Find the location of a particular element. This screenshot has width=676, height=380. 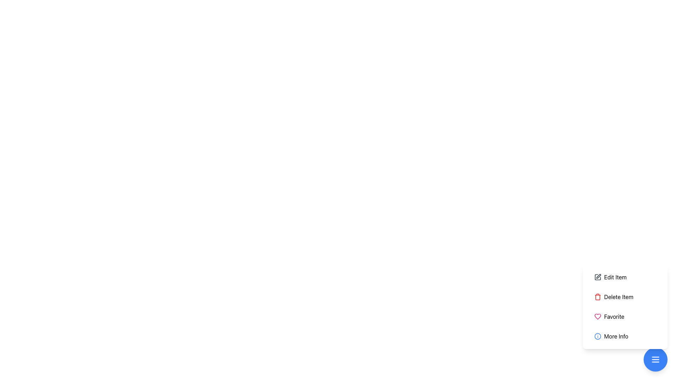

the delete button located at the second position in the dropdown menu is located at coordinates (625, 306).